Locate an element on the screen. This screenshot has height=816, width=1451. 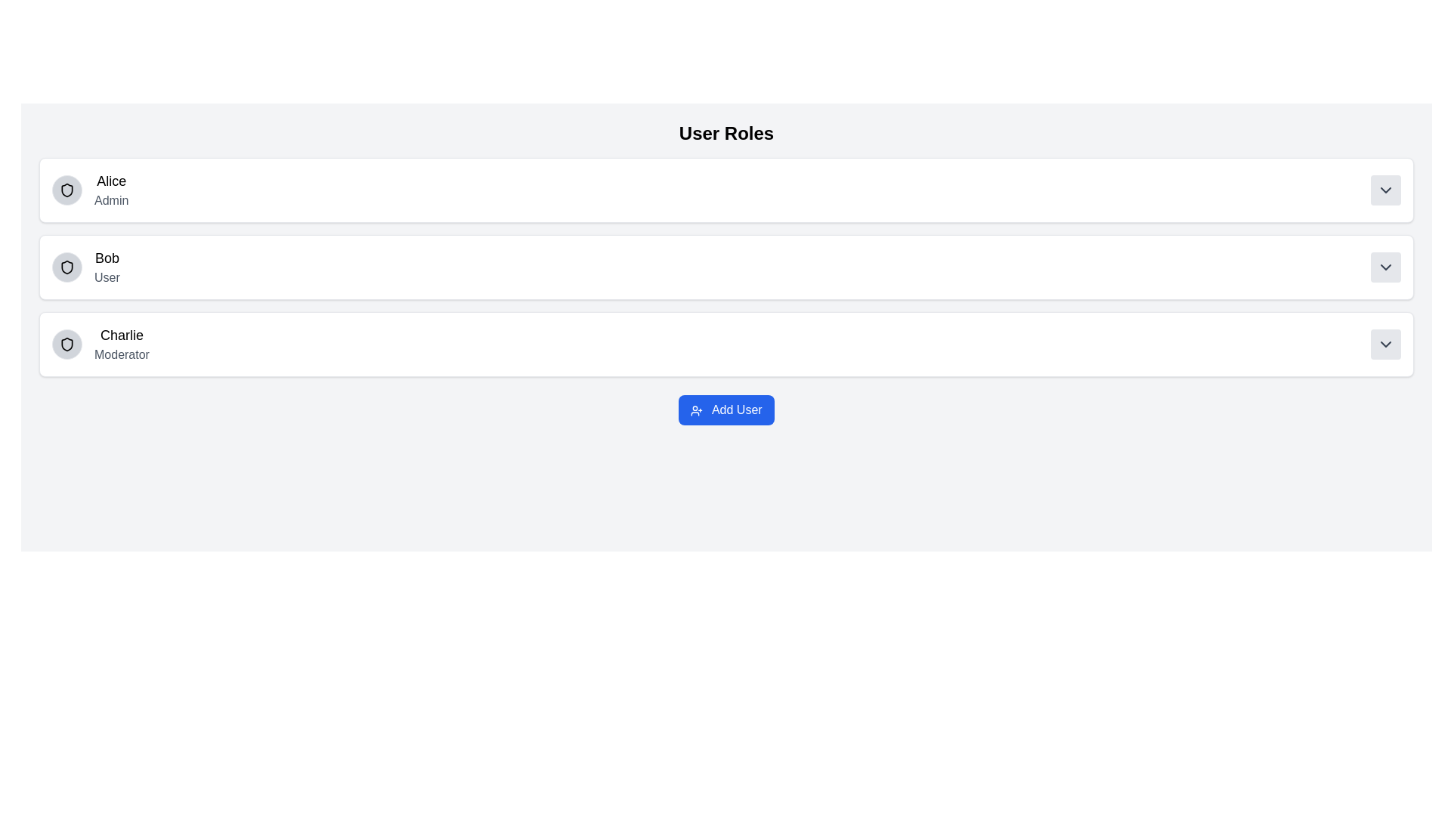
the expand/collapse icon for the user role 'Charlie' within the dropdown associated with the list item labeled 'Charlie' and 'Moderator' is located at coordinates (1385, 344).